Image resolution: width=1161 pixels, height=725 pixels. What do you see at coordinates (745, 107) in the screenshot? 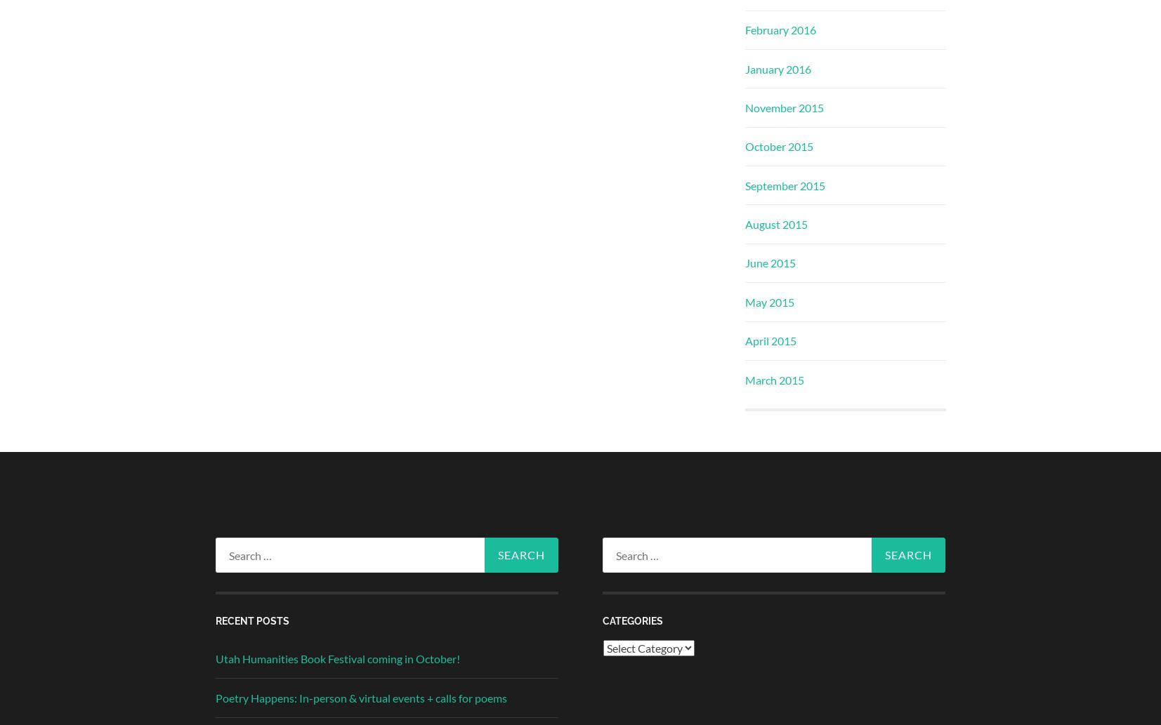
I see `'November 2015'` at bounding box center [745, 107].